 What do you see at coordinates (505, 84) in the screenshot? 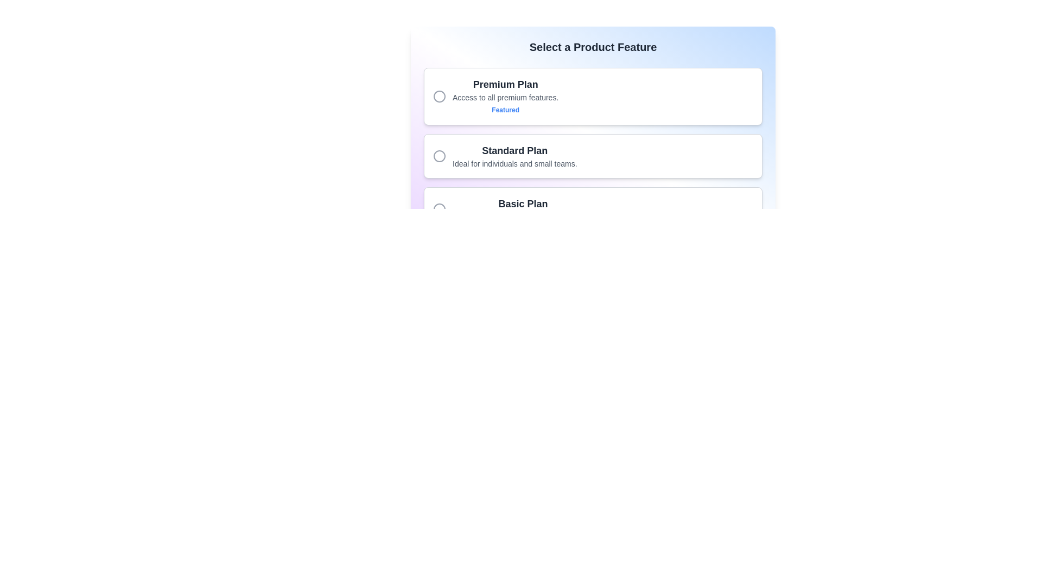
I see `the Text Label that indicates the specific subscription plan, located under 'Select a Product Feature' and aligned to the left of a circular radio button` at bounding box center [505, 84].